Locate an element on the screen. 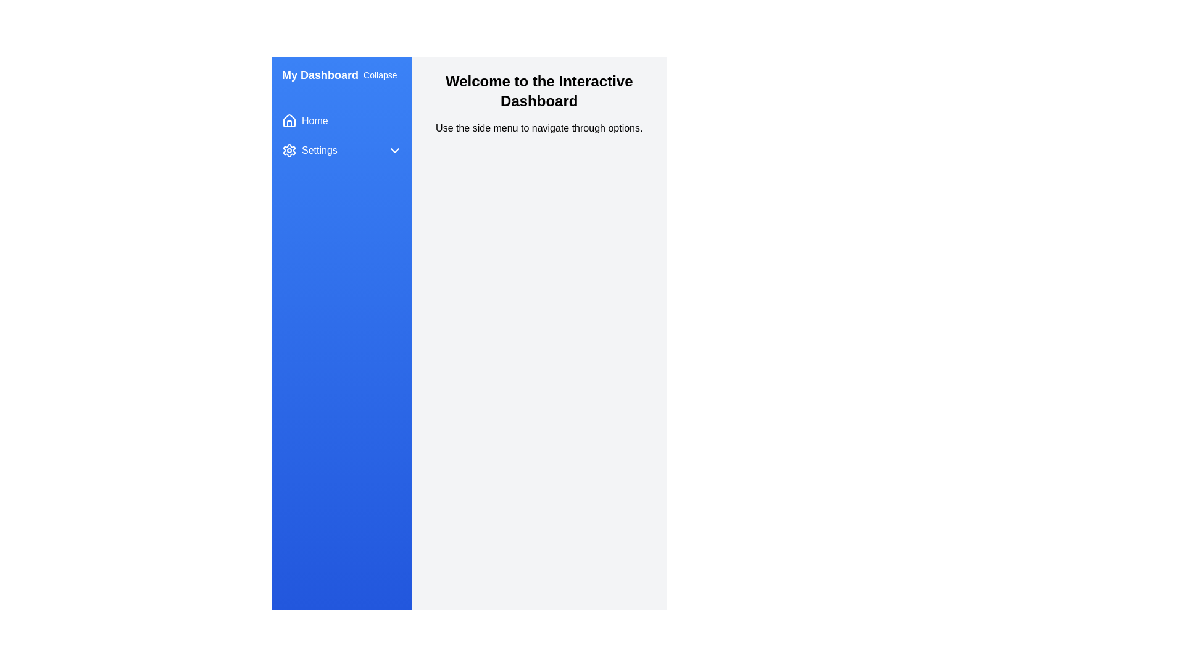  the house-shaped icon located in the sidebar next to the 'Home' label, which is styled as an outline with rounded corners and smooth joins is located at coordinates (289, 120).